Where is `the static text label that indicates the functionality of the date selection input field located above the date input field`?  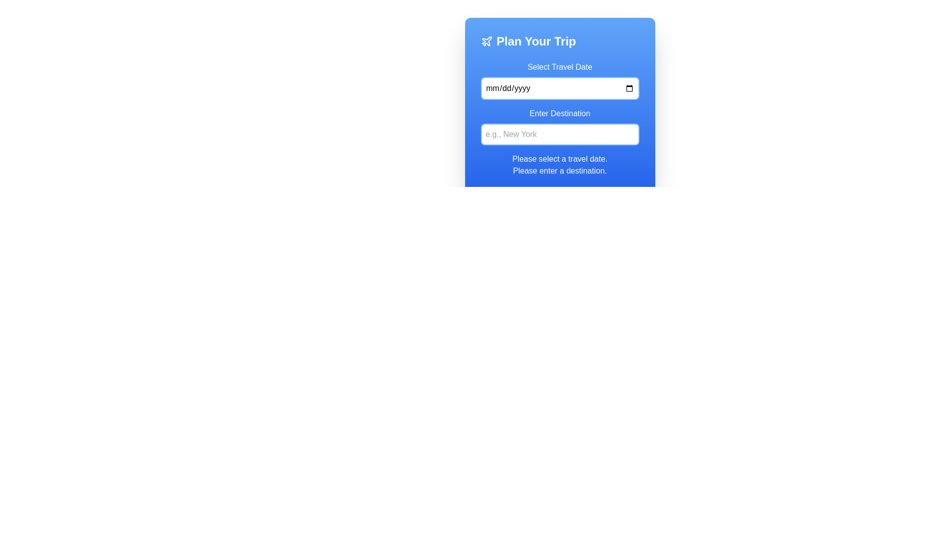 the static text label that indicates the functionality of the date selection input field located above the date input field is located at coordinates (560, 67).